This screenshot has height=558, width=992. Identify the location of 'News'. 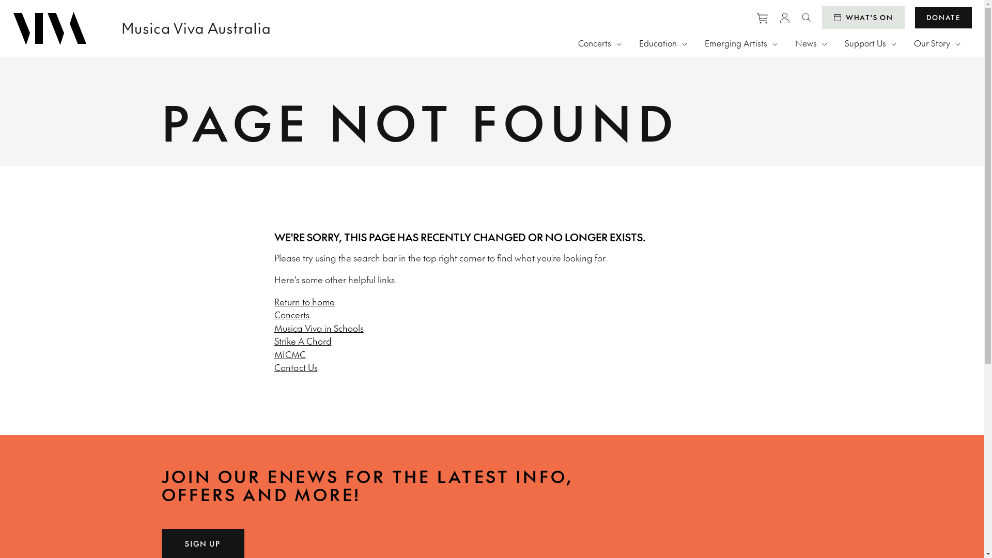
(810, 42).